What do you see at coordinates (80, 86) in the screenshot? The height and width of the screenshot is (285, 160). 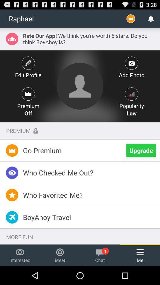 I see `or edit personal image` at bounding box center [80, 86].